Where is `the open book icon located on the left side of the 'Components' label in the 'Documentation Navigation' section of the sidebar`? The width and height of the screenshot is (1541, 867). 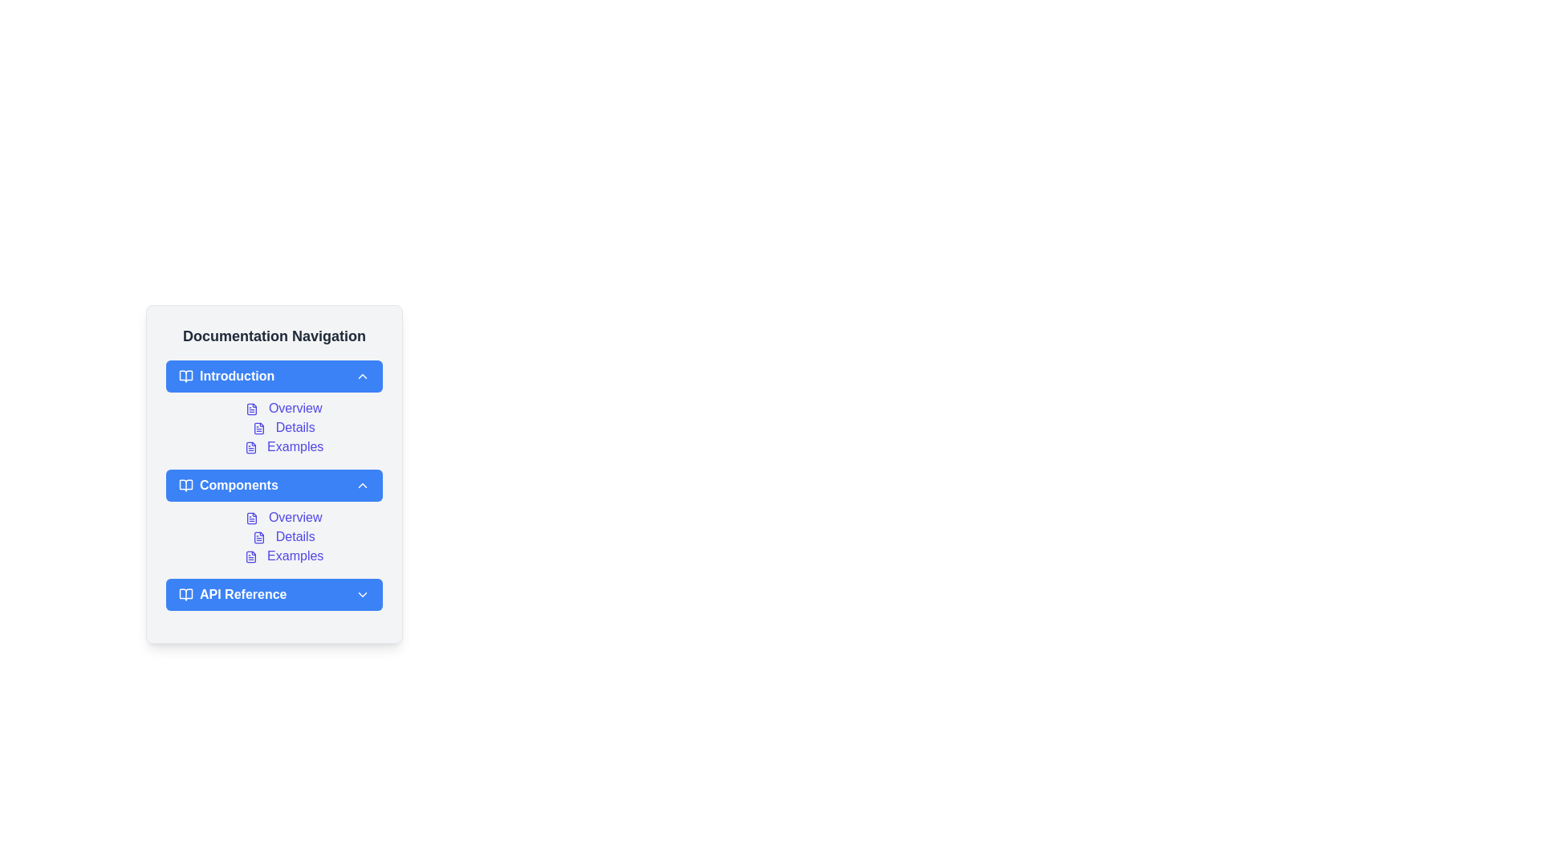
the open book icon located on the left side of the 'Components' label in the 'Documentation Navigation' section of the sidebar is located at coordinates (185, 485).